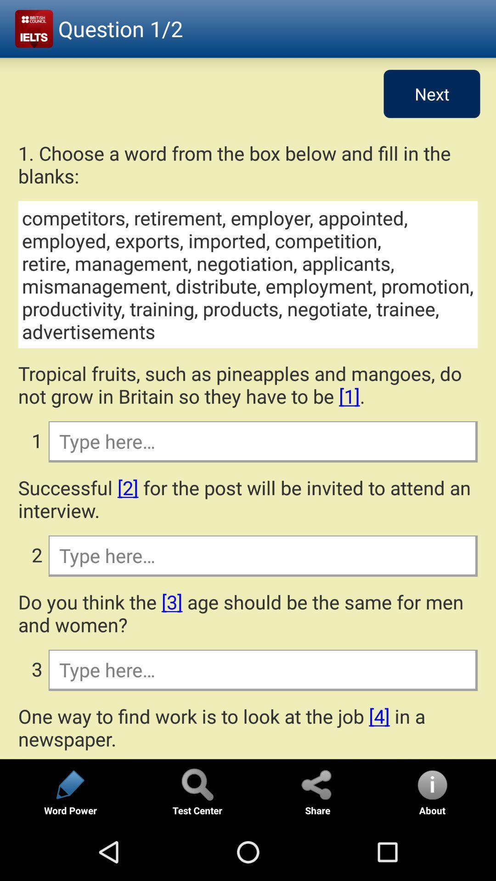  What do you see at coordinates (262, 441) in the screenshot?
I see `blank column` at bounding box center [262, 441].